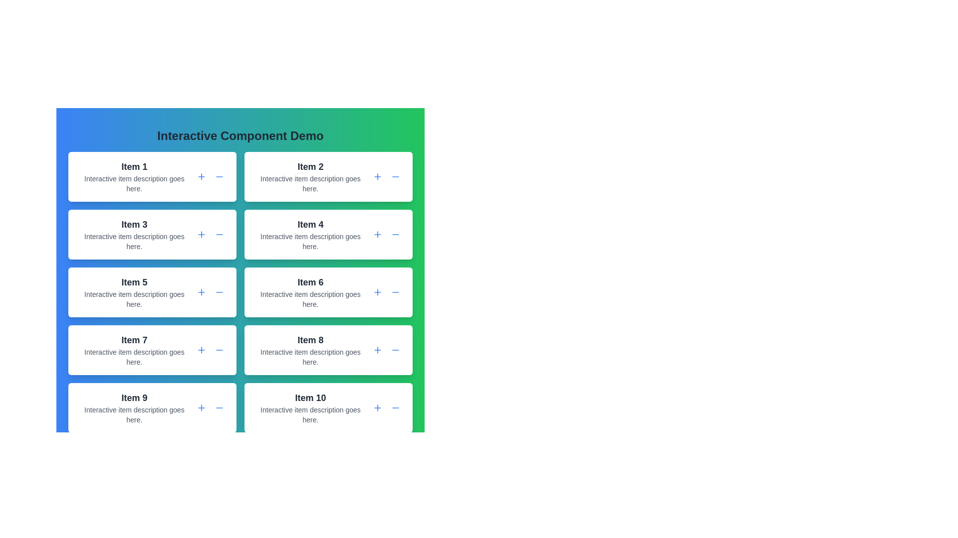  Describe the element at coordinates (219, 407) in the screenshot. I see `the small blue text button with a horizontal minus sign icon located next to 'Item 9'` at that location.